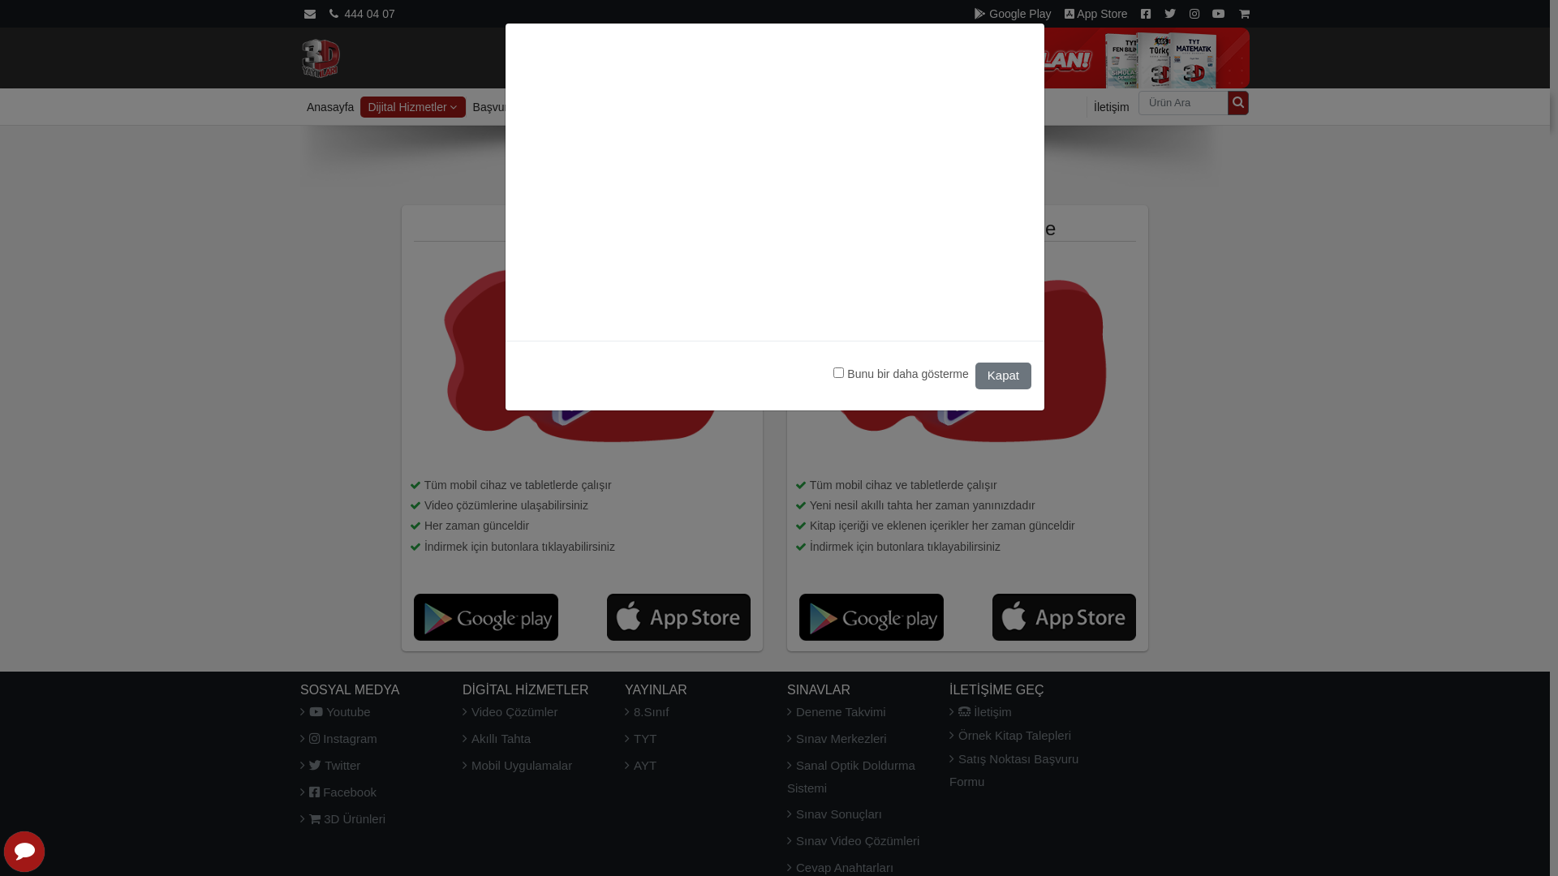 This screenshot has height=876, width=1558. Describe the element at coordinates (338, 791) in the screenshot. I see `'Facebook'` at that location.